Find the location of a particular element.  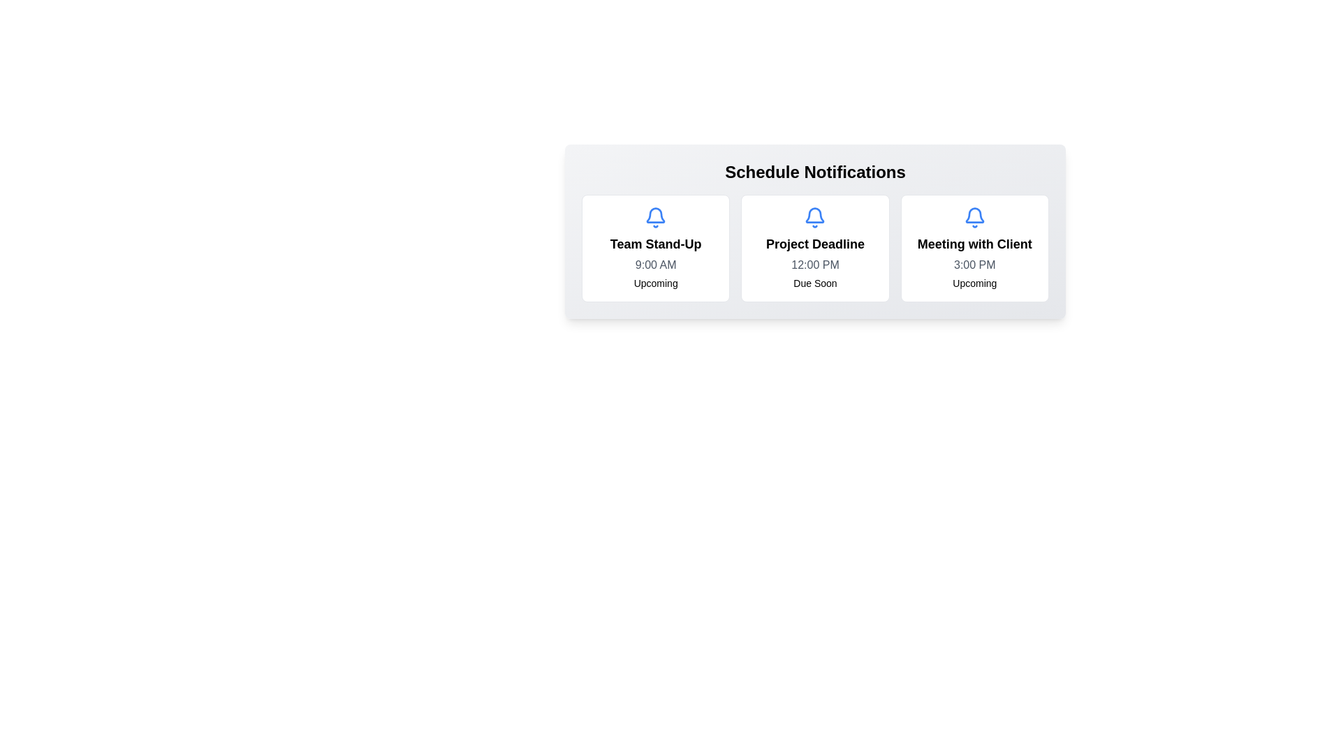

the 'Upcoming' label that is styled with small font size and green color, located at the bottom of the 'Meeting with Client' card, centered beneath the time '3:00 PM' is located at coordinates (974, 283).